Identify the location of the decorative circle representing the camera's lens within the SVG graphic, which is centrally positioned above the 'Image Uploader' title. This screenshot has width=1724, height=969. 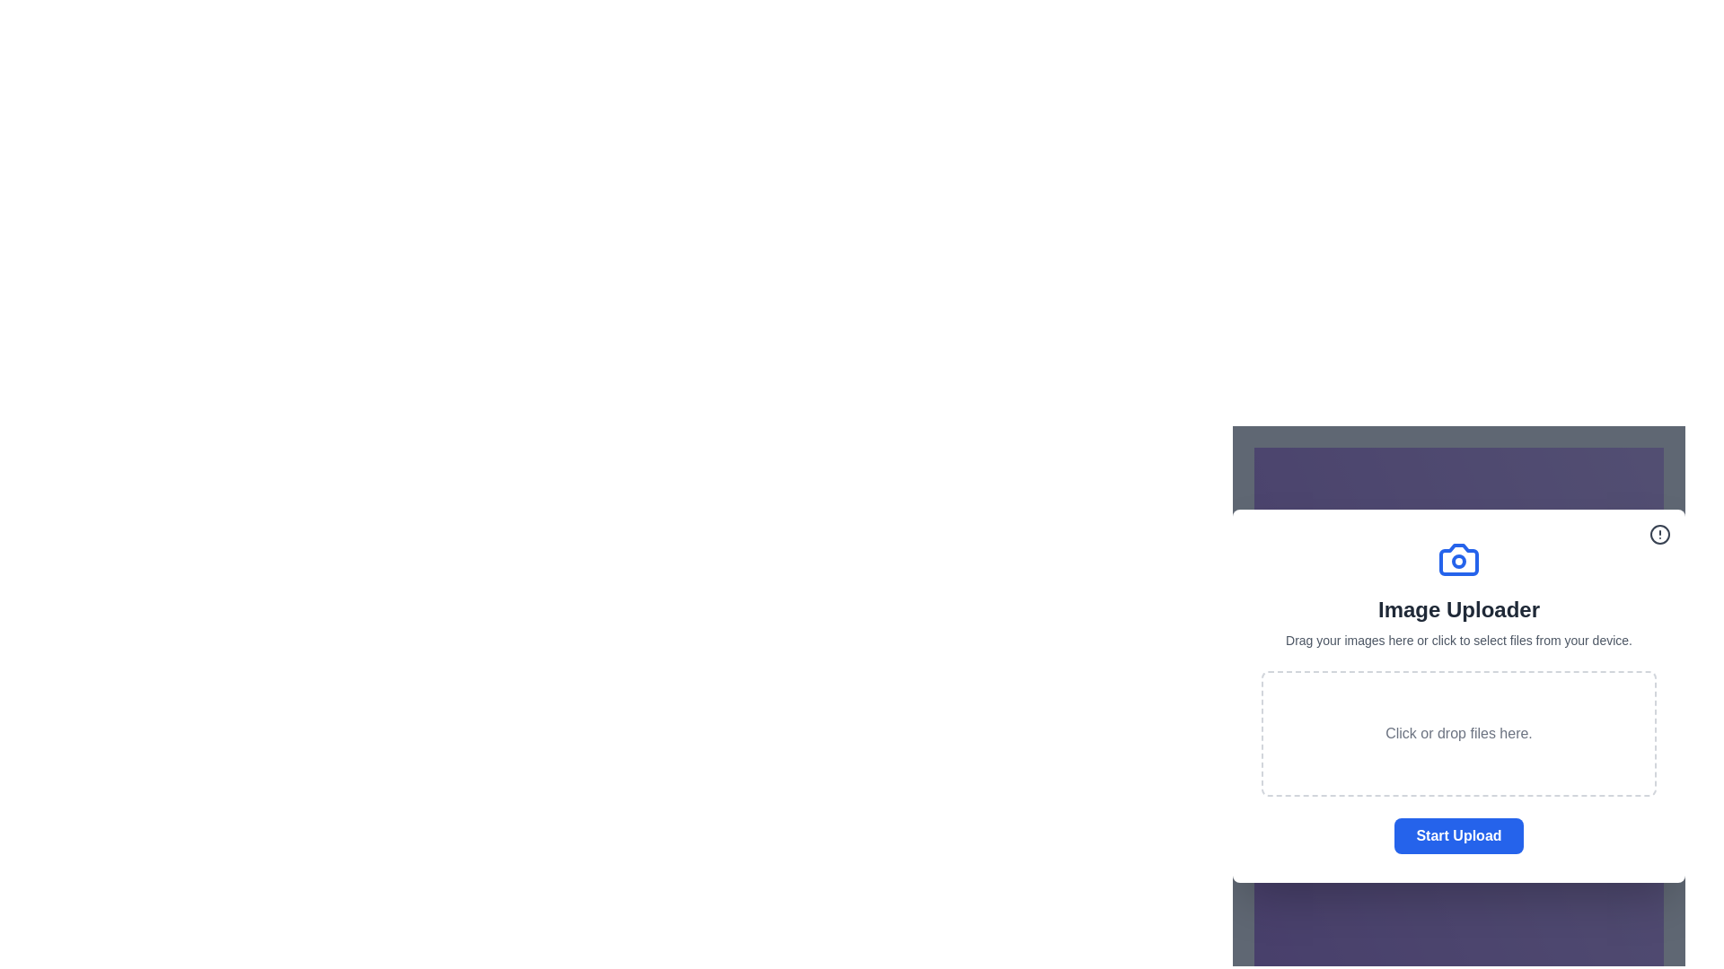
(1459, 560).